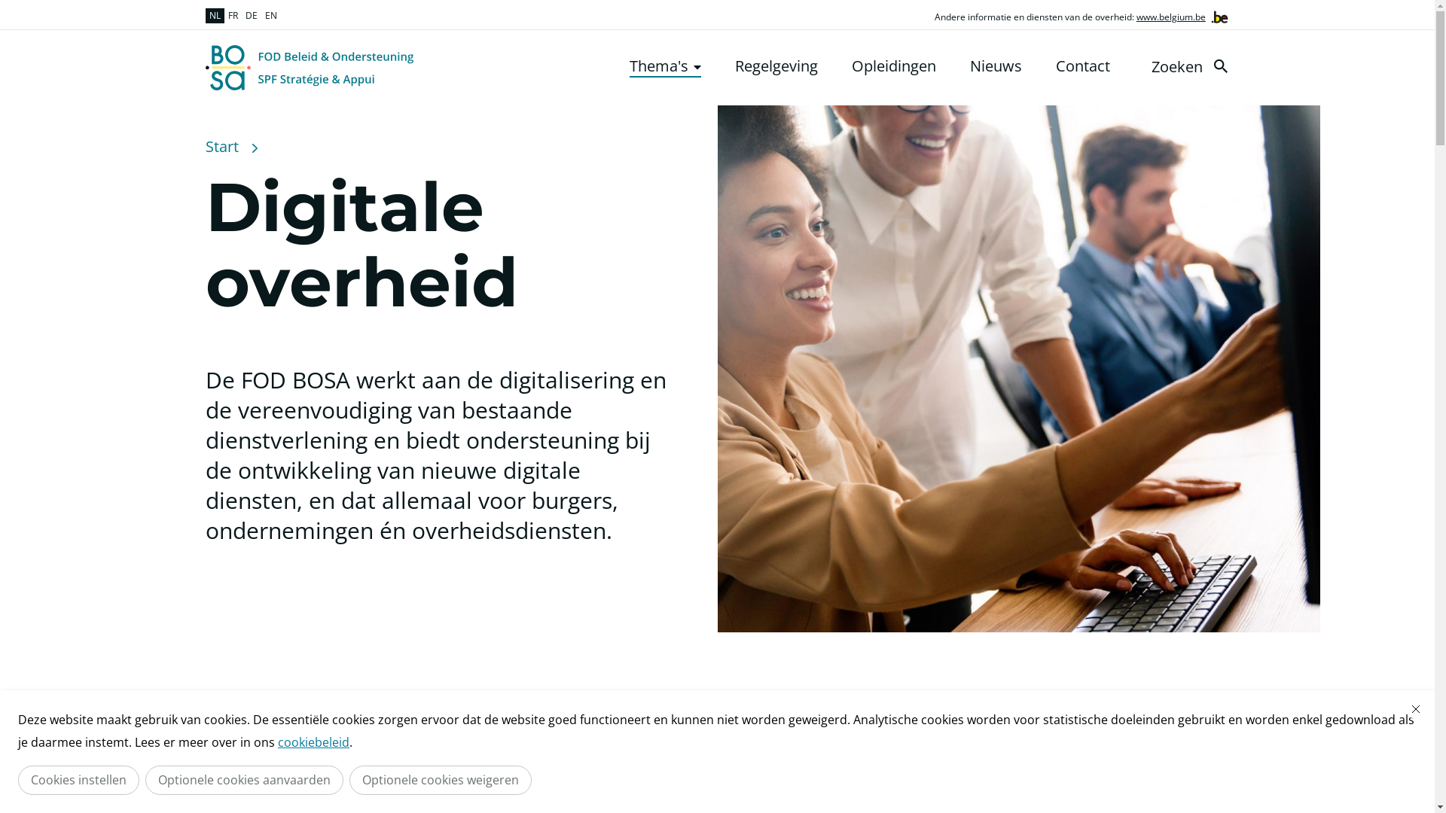 The height and width of the screenshot is (813, 1446). What do you see at coordinates (629, 65) in the screenshot?
I see `'Thema's'` at bounding box center [629, 65].